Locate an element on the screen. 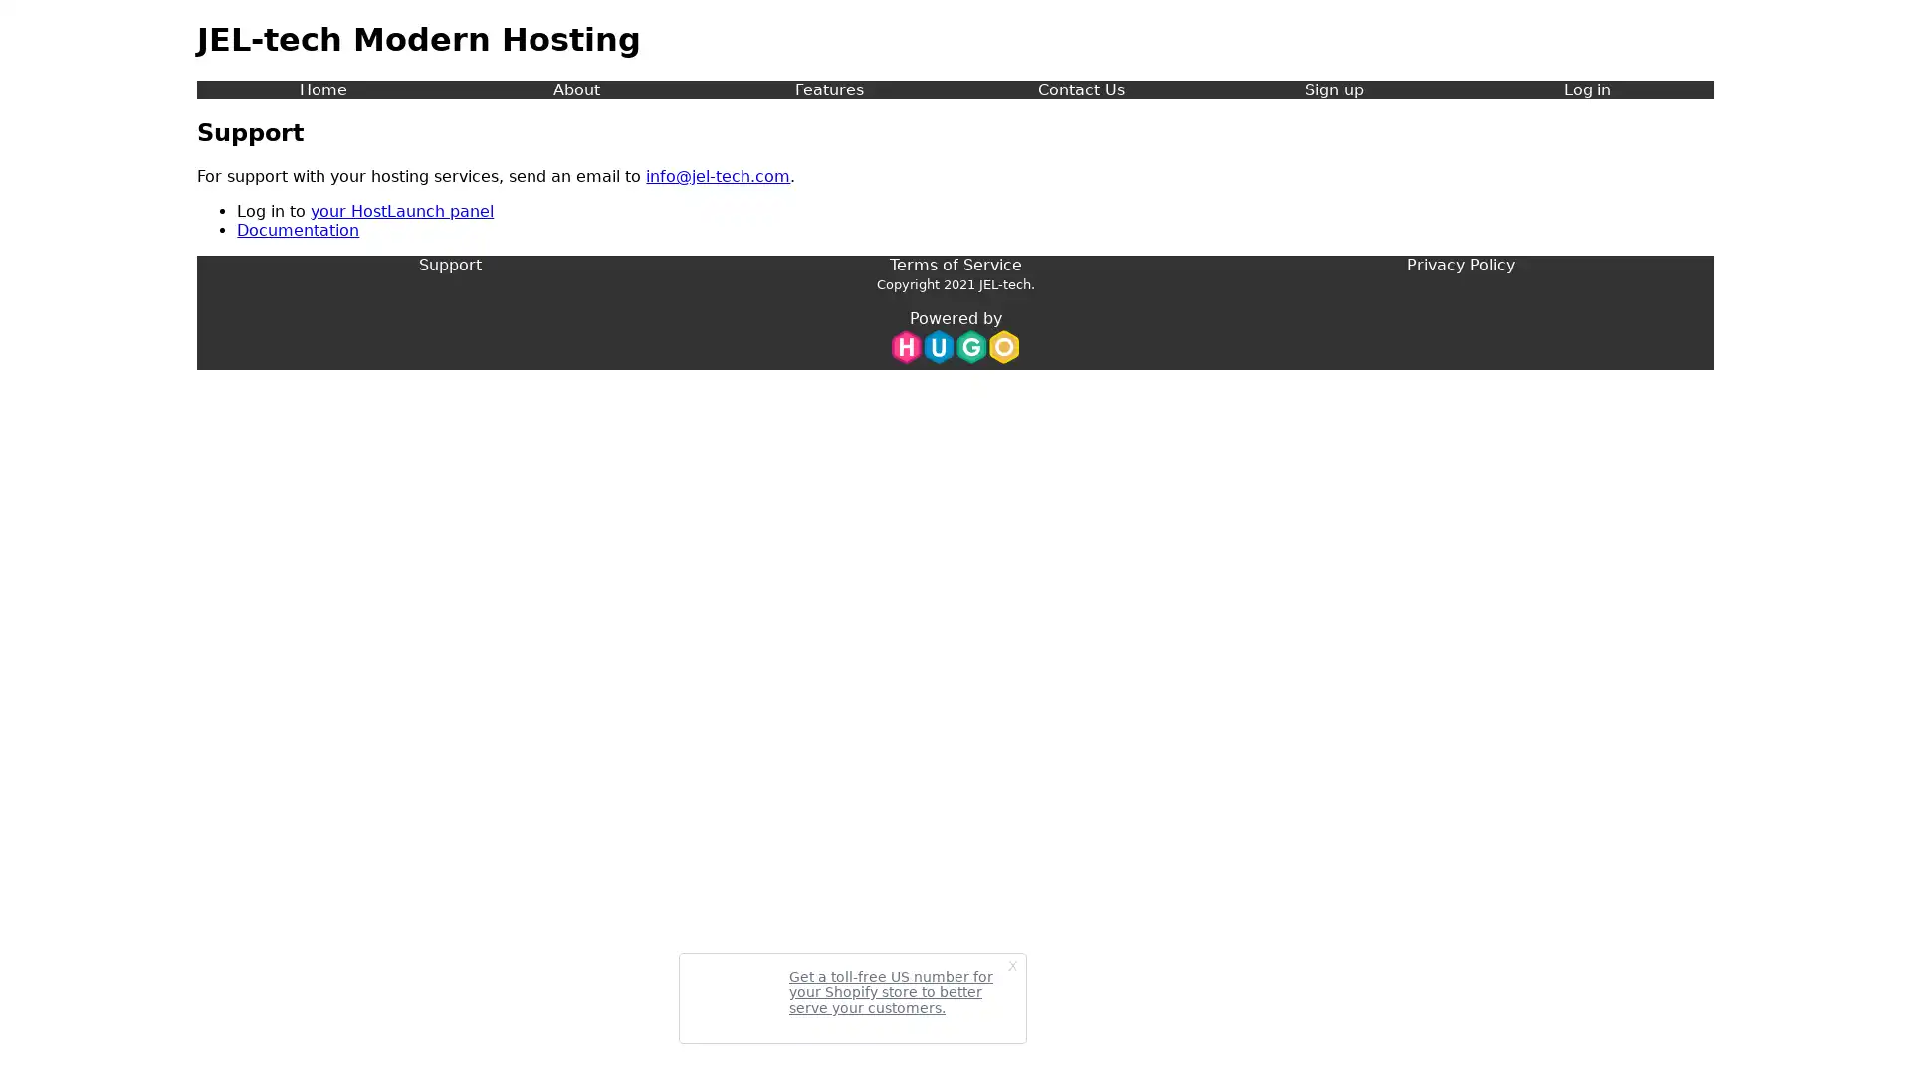 Image resolution: width=1911 pixels, height=1074 pixels. Open chat widget is located at coordinates (1865, 1028).